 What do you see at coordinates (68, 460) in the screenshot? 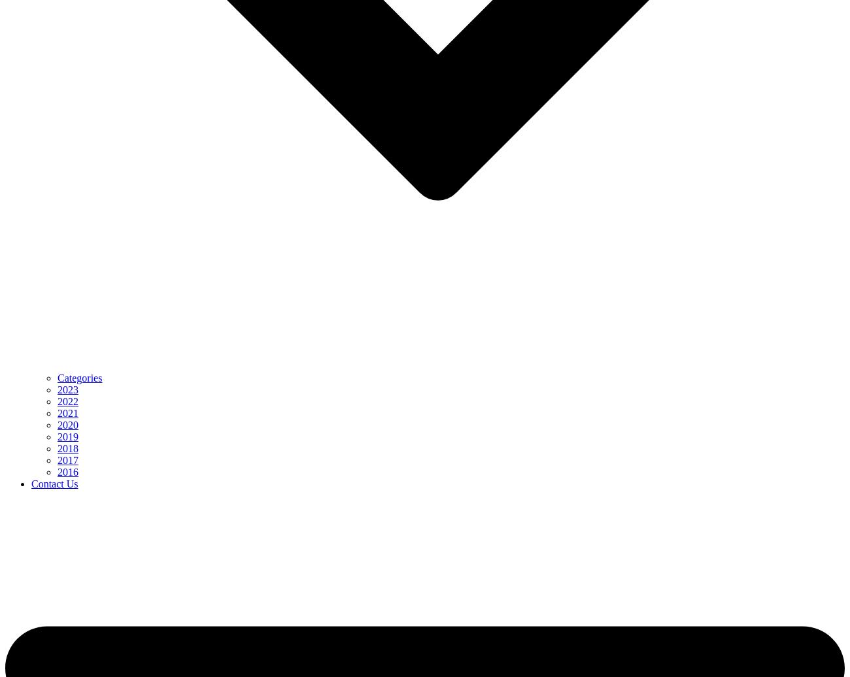
I see `'2017'` at bounding box center [68, 460].